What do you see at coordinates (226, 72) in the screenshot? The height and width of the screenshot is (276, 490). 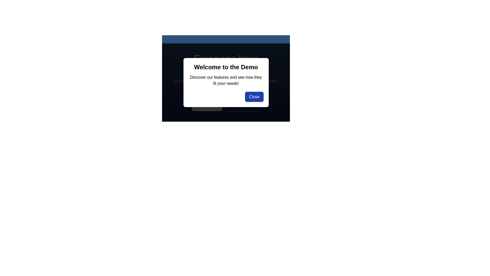 I see `the Text Display element that contains the heading 'Welcome to the Demo' and the subtitle 'Discover our features and see how they fit your needs!', located in a white rectangular panel with rounded corners in the center of the dark-themed modal dialog` at bounding box center [226, 72].